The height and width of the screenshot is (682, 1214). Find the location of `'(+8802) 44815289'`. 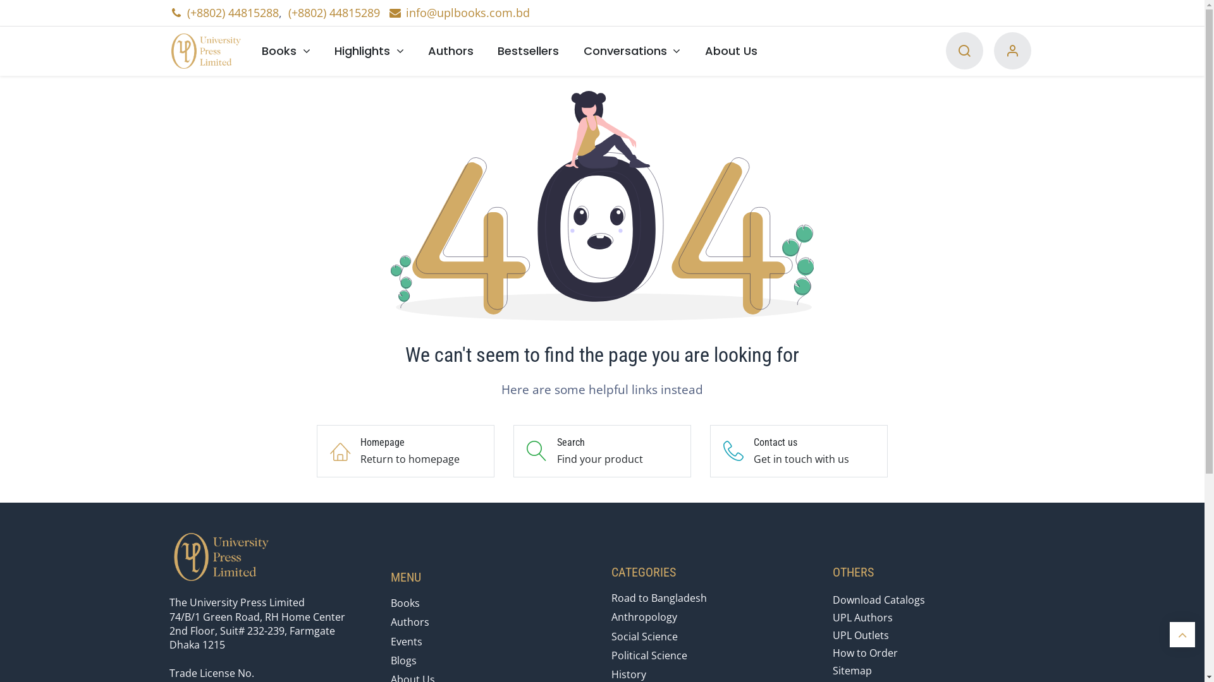

'(+8802) 44815289' is located at coordinates (288, 12).